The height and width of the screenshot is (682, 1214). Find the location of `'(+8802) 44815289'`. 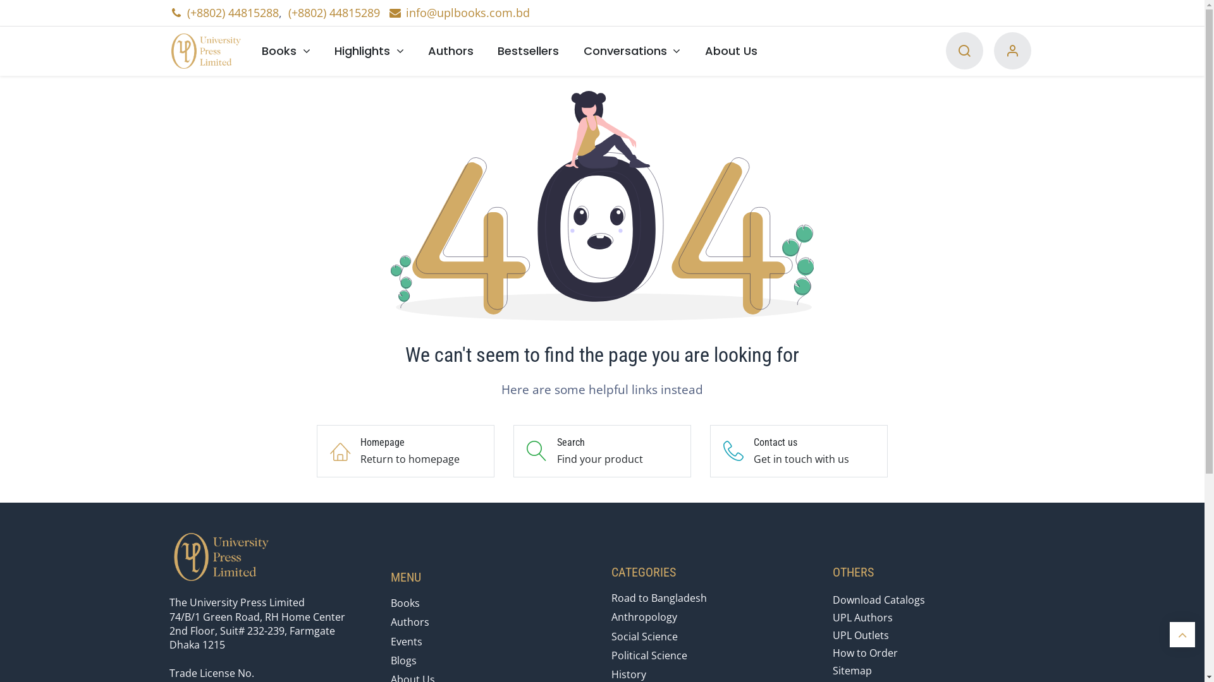

'(+8802) 44815289' is located at coordinates (288, 12).